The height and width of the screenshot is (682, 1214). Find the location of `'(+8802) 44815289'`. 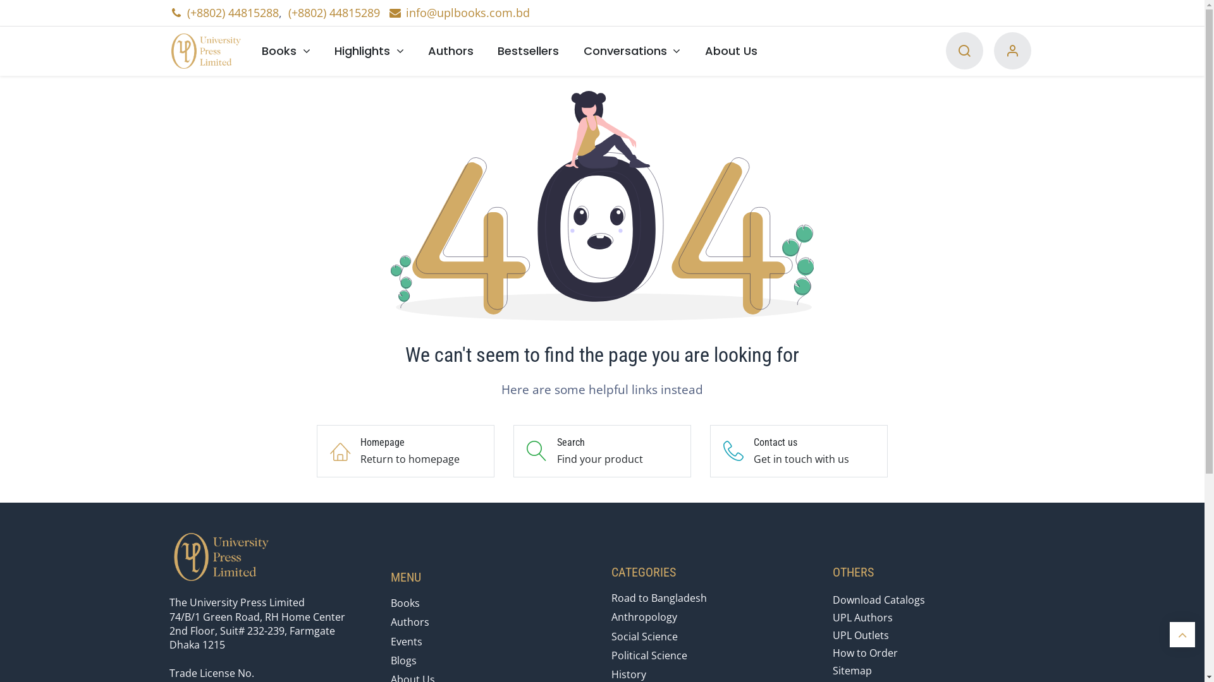

'(+8802) 44815289' is located at coordinates (288, 12).